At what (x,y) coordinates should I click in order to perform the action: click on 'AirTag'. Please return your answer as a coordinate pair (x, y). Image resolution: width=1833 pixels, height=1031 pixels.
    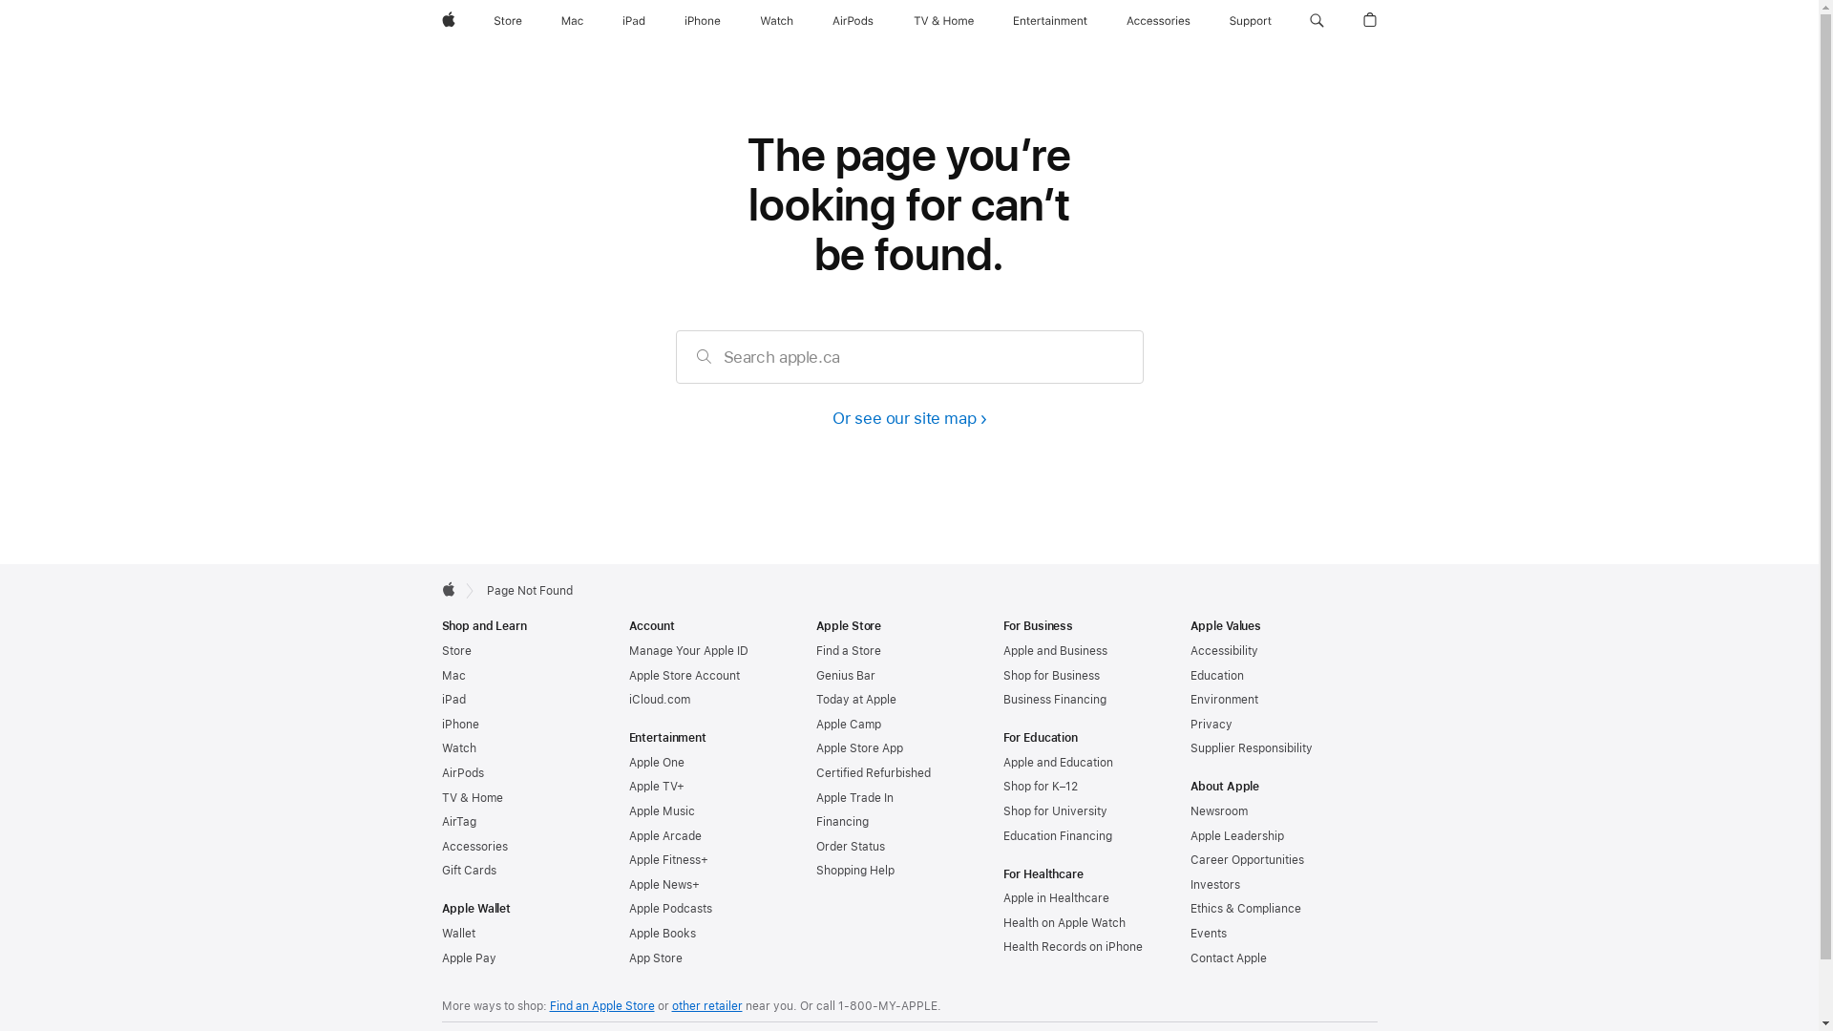
    Looking at the image, I should click on (458, 820).